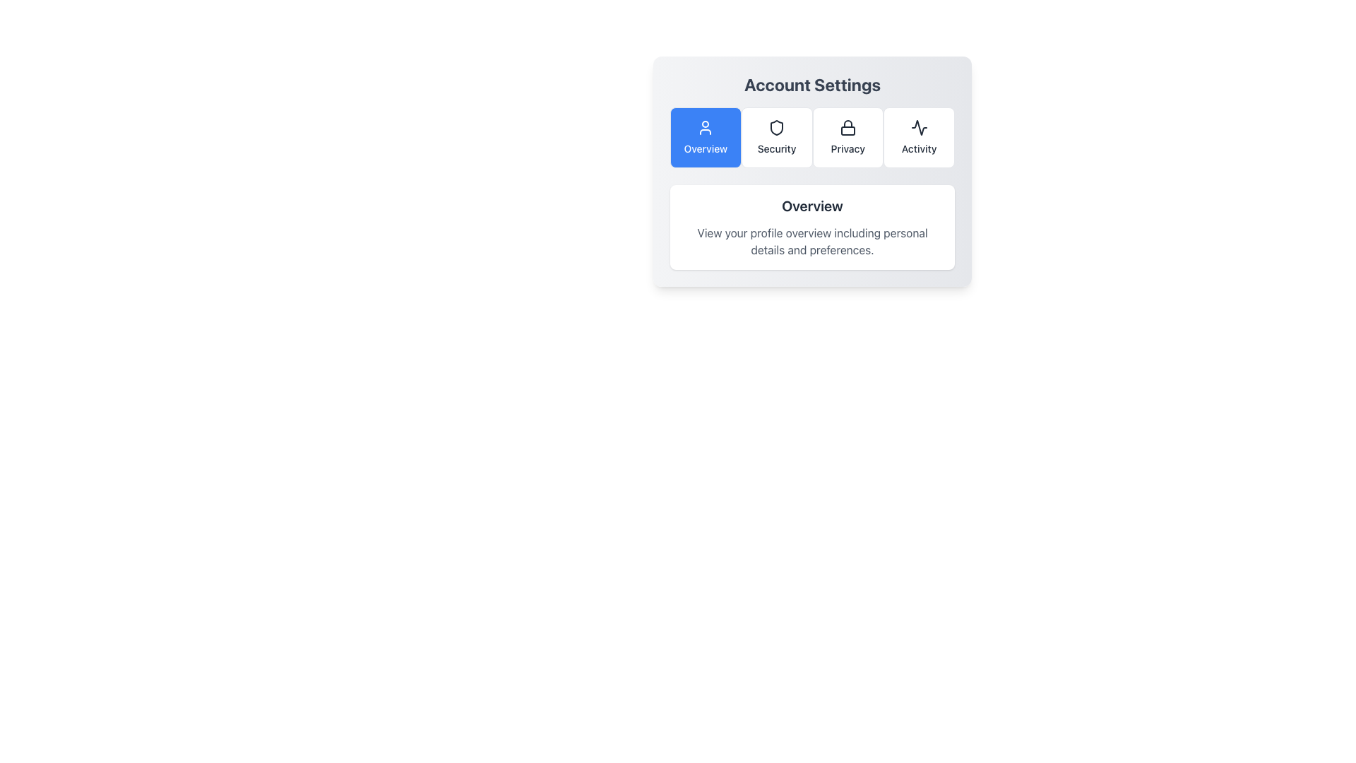 The width and height of the screenshot is (1356, 763). Describe the element at coordinates (706, 149) in the screenshot. I see `assistive technology` at that location.